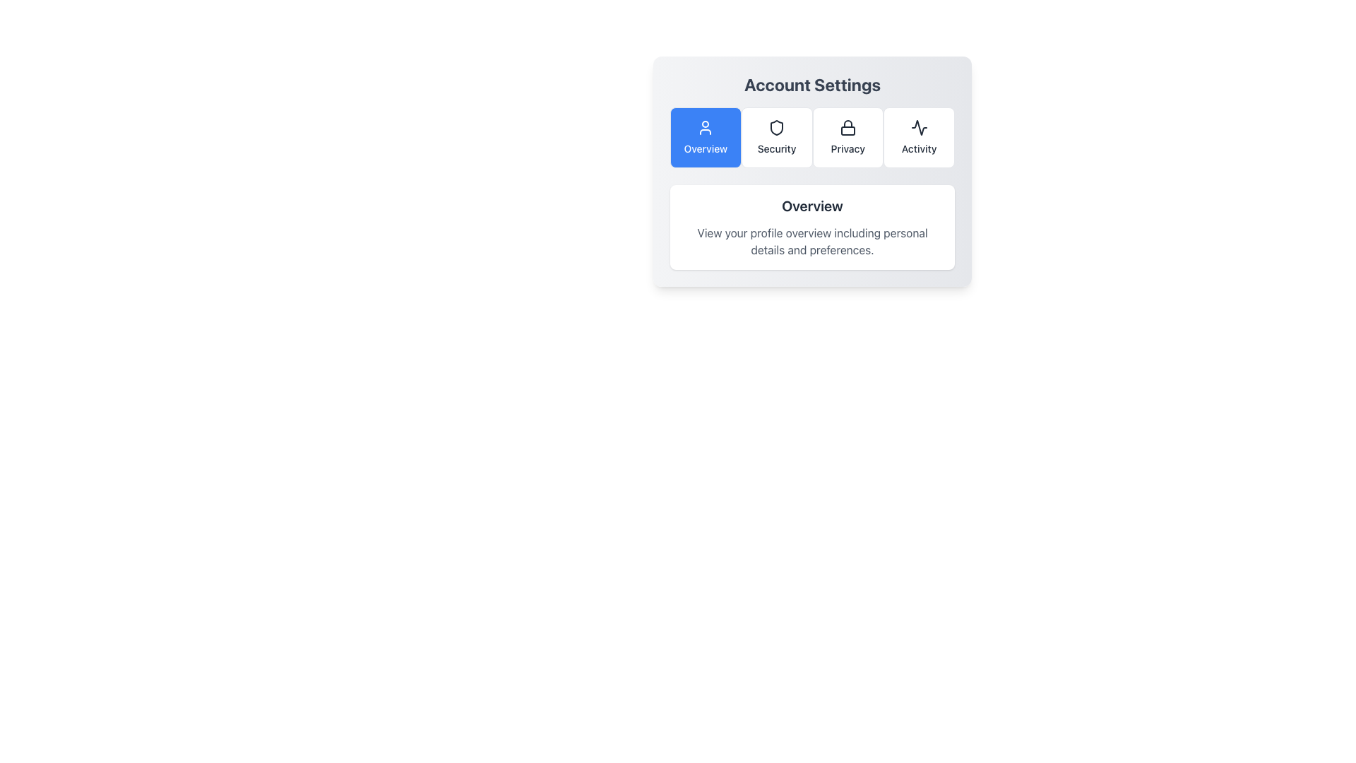 The width and height of the screenshot is (1356, 763). Describe the element at coordinates (706, 149) in the screenshot. I see `assistive technology` at that location.